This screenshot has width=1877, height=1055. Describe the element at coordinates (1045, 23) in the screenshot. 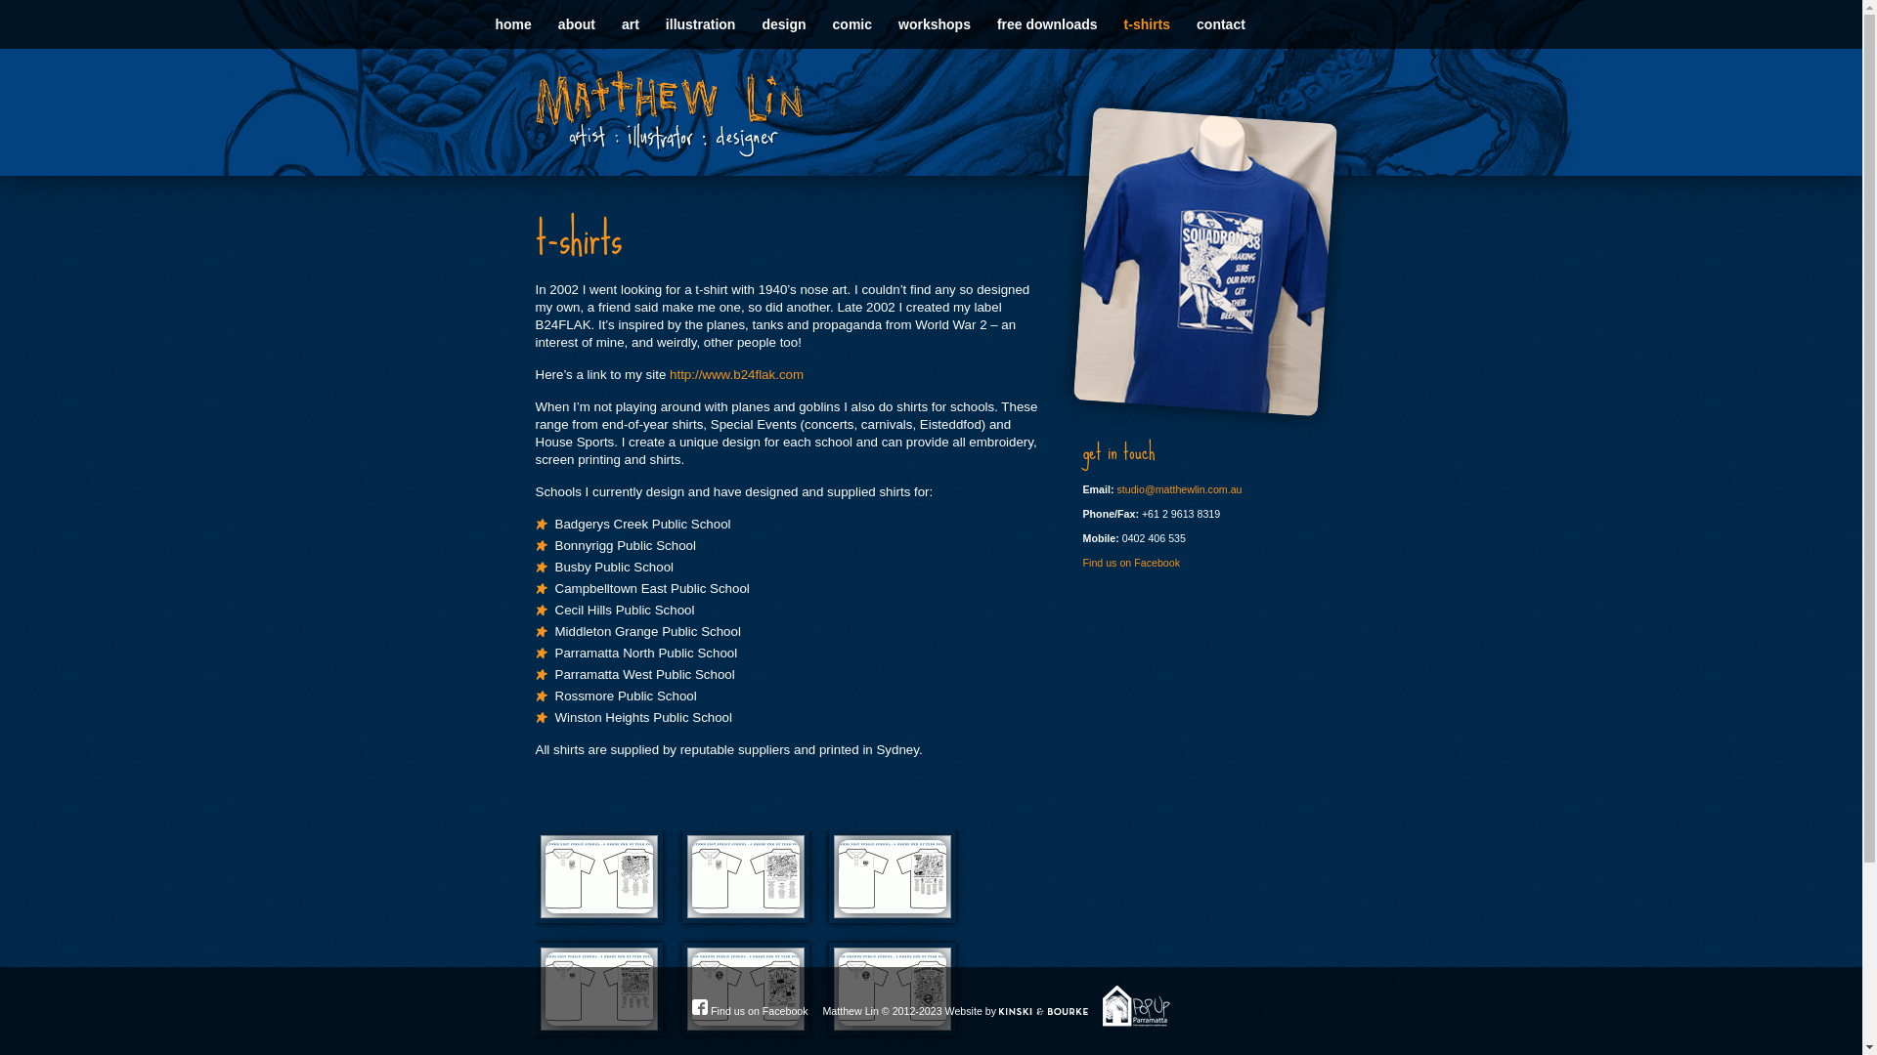

I see `'free downloads'` at that location.